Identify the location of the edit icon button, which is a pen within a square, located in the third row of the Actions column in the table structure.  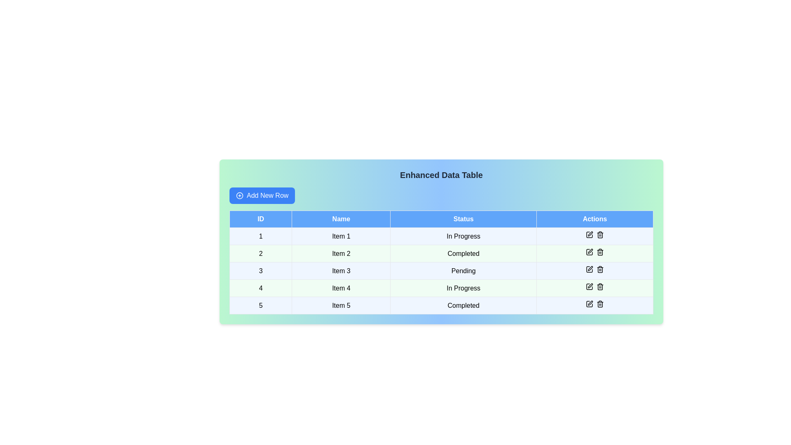
(589, 269).